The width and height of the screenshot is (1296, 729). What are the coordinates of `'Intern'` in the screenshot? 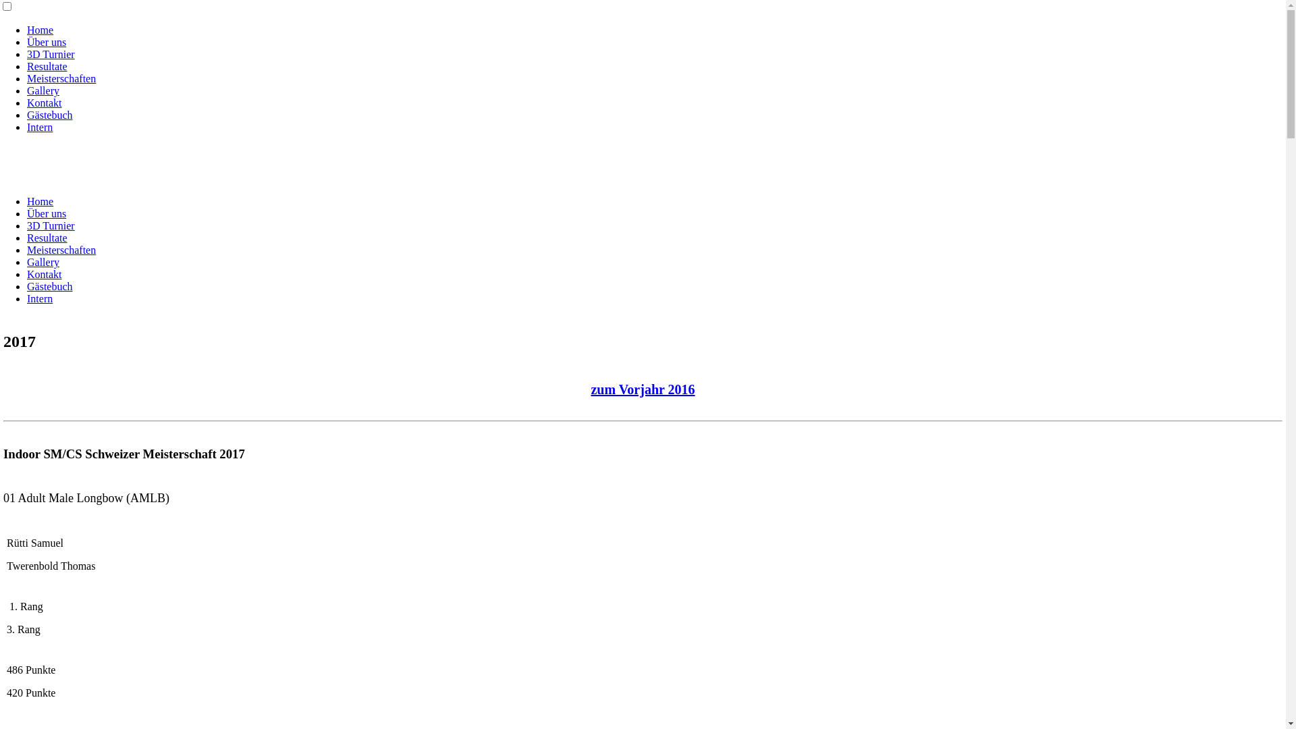 It's located at (39, 298).